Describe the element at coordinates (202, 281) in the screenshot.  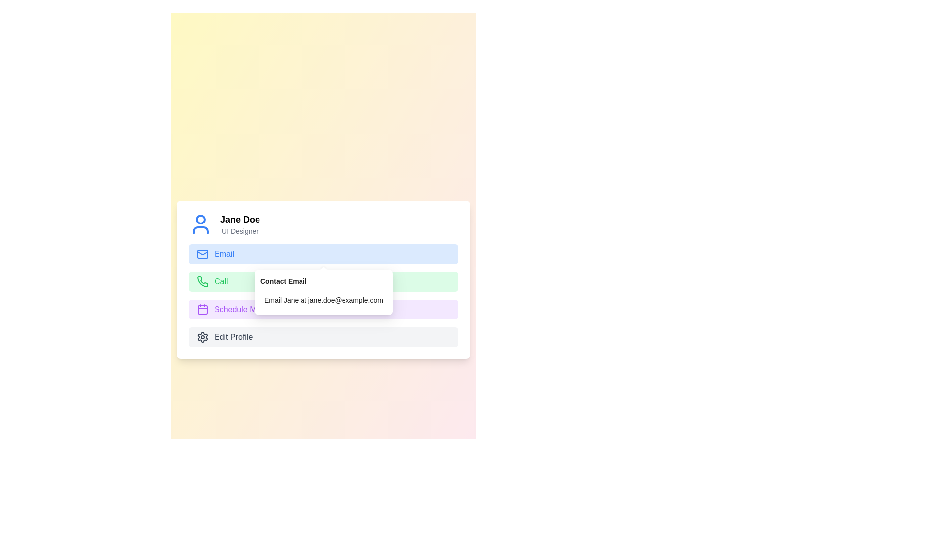
I see `the 'Call' icon located to the left of the text 'Call' within the green-highlighted section for interaction` at that location.